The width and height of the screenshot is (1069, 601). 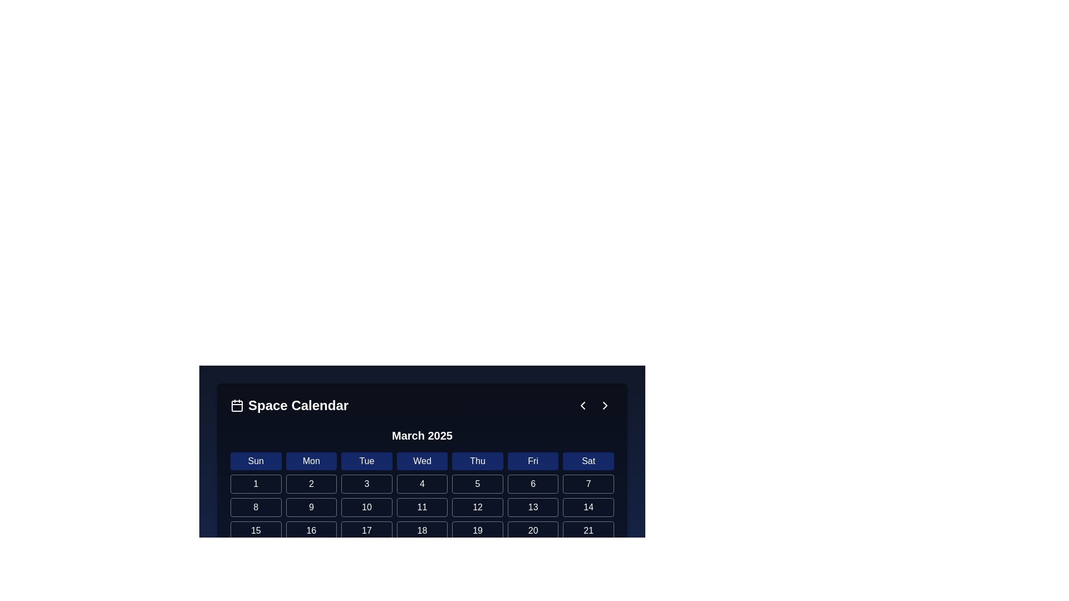 I want to click on the navigation button for the previous month in the calendar interface to change its background color, so click(x=582, y=406).